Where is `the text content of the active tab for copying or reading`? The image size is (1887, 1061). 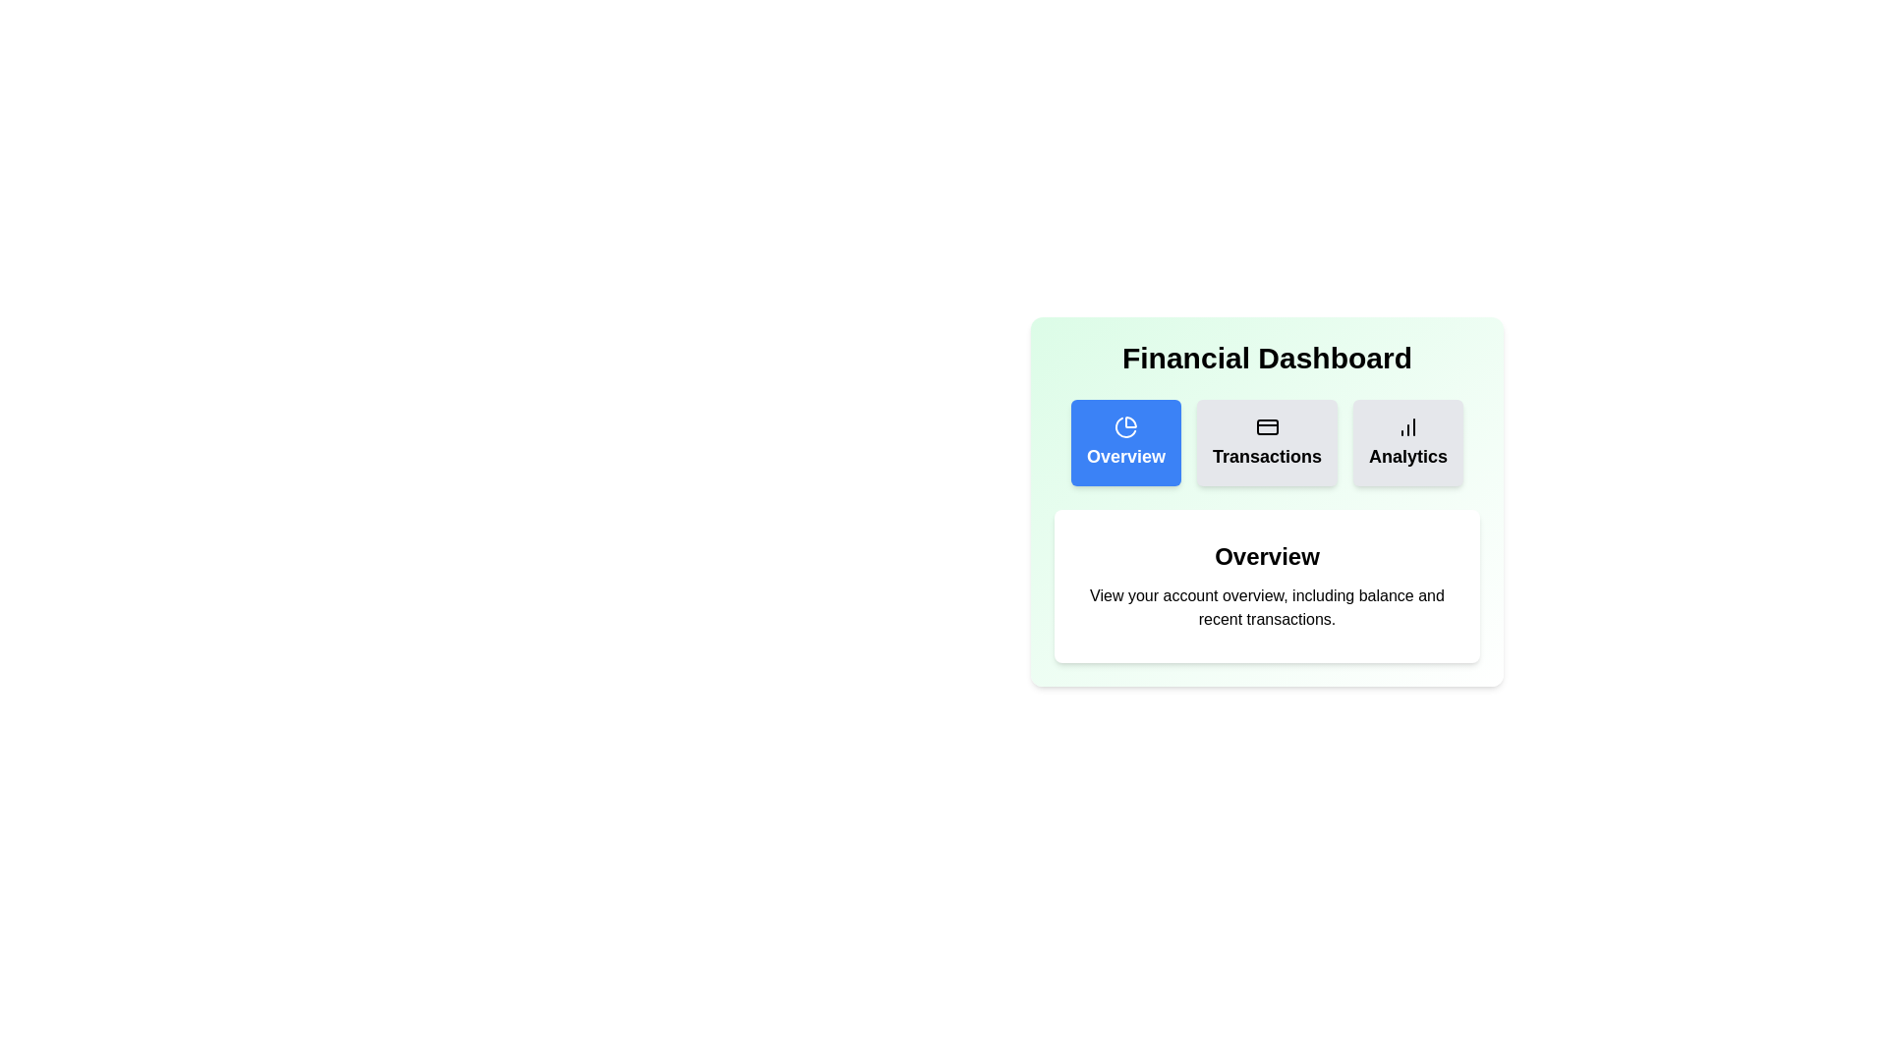
the text content of the active tab for copying or reading is located at coordinates (1084, 541).